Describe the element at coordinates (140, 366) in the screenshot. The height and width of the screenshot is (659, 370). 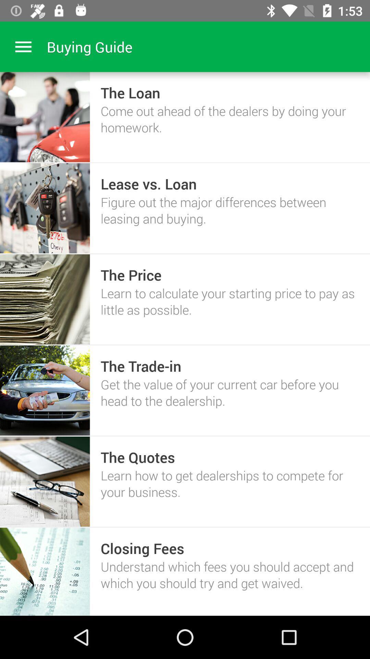
I see `icon below the learn to calculate item` at that location.